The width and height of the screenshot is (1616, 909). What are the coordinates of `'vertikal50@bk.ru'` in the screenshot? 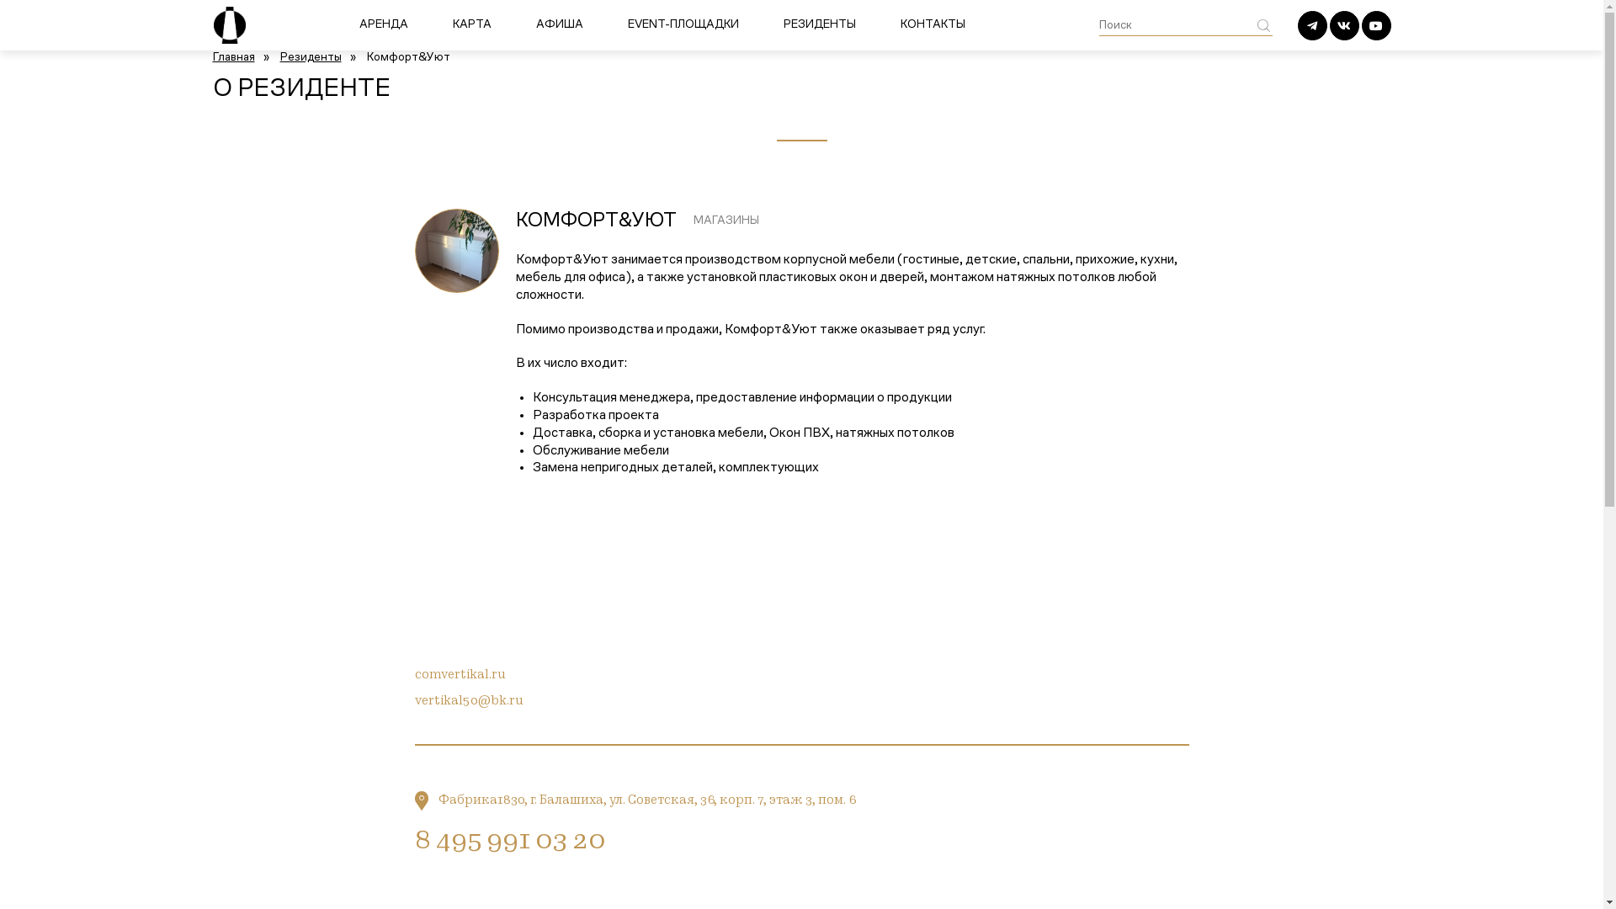 It's located at (468, 701).